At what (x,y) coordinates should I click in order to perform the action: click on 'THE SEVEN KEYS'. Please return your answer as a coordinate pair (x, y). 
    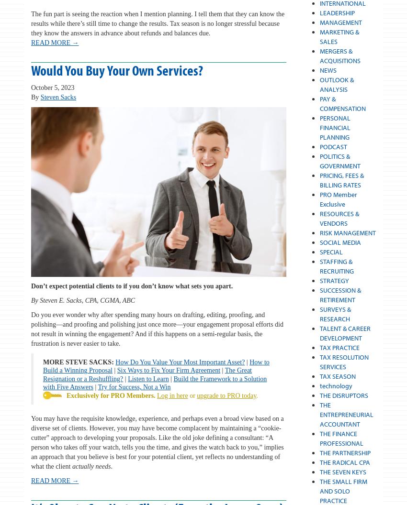
    Looking at the image, I should click on (342, 472).